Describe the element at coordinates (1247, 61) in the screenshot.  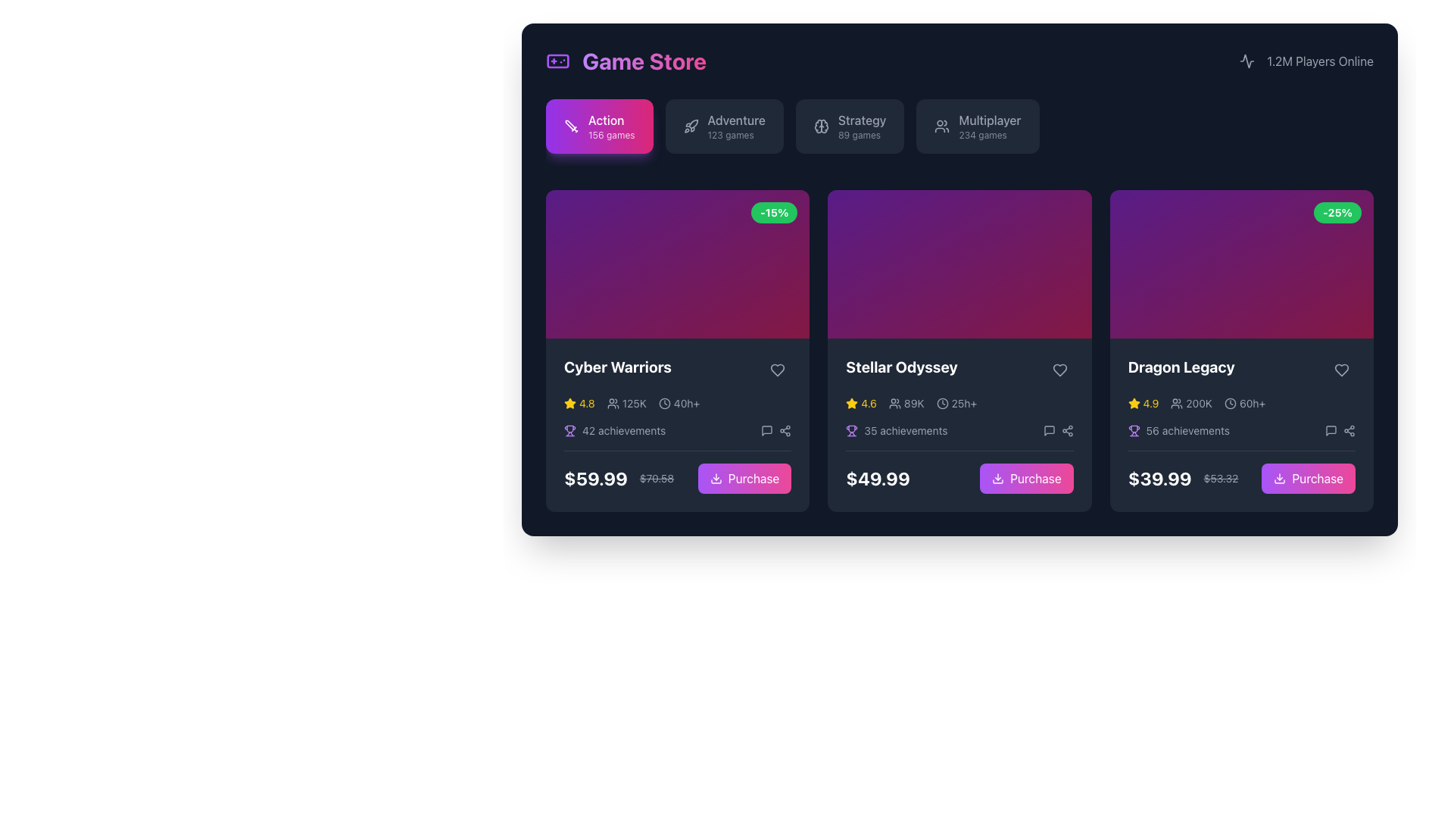
I see `the decorative or status-indicating SVG icon located in the top-right section of the header bar, next to the '1.2M Players Online' counter` at that location.